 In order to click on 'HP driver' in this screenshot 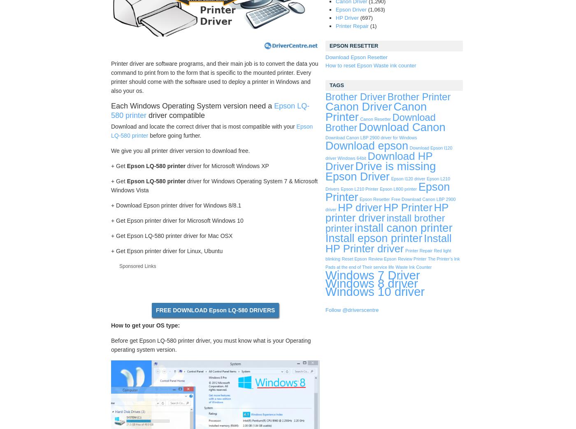, I will do `click(360, 207)`.